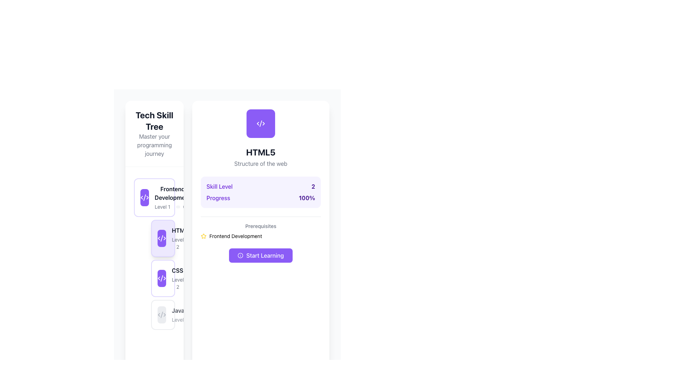 This screenshot has width=686, height=386. What do you see at coordinates (154, 253) in the screenshot?
I see `the second skill card in the 'Tech Skill Tree' sidebar that represents the progress feature for 'HTML5', which has a light purple background and displays 'HTML5' in bold, 'Level 2', and '100%'` at bounding box center [154, 253].